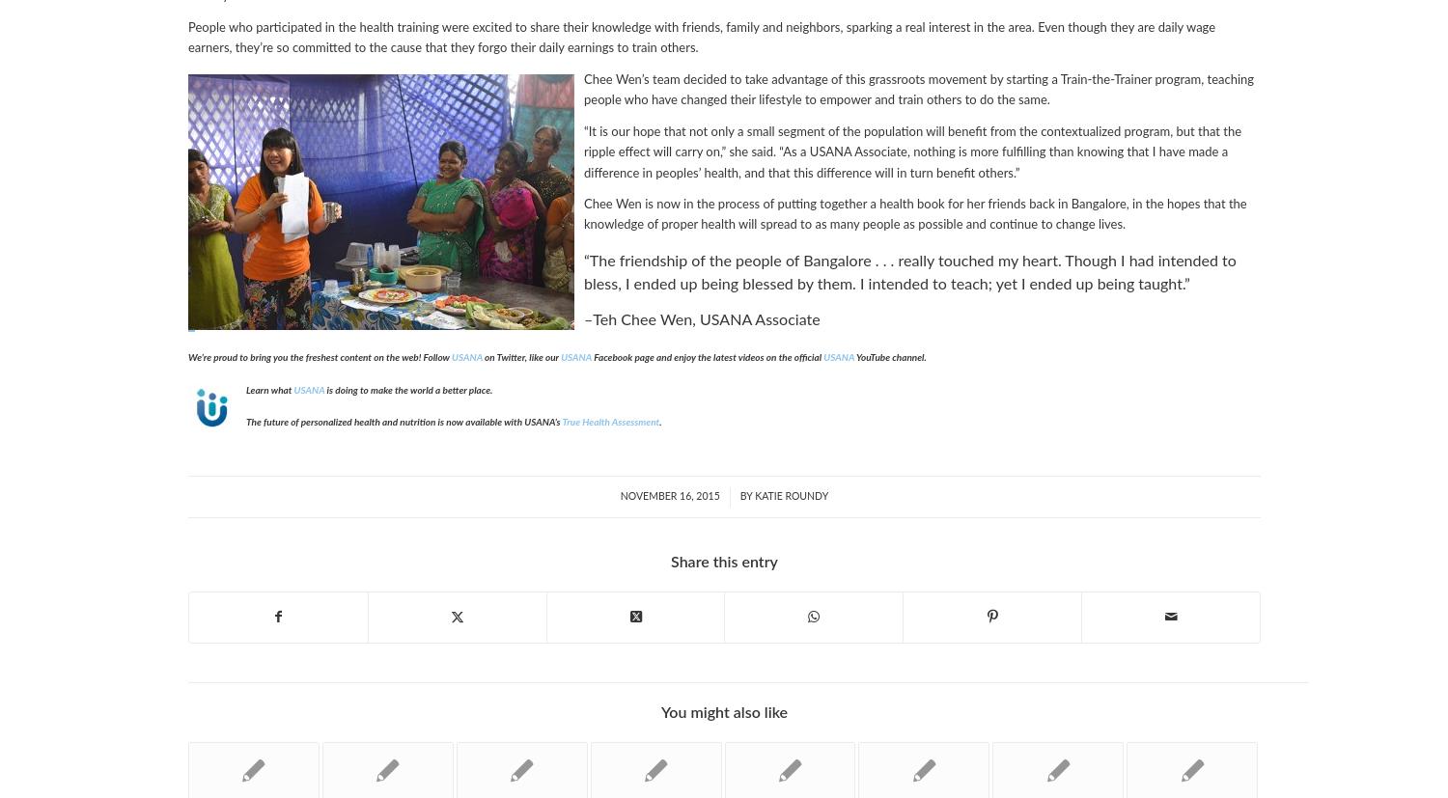 This screenshot has width=1448, height=798. I want to click on 'We’re proud to bring you the freshest content on the web! Follow', so click(319, 356).